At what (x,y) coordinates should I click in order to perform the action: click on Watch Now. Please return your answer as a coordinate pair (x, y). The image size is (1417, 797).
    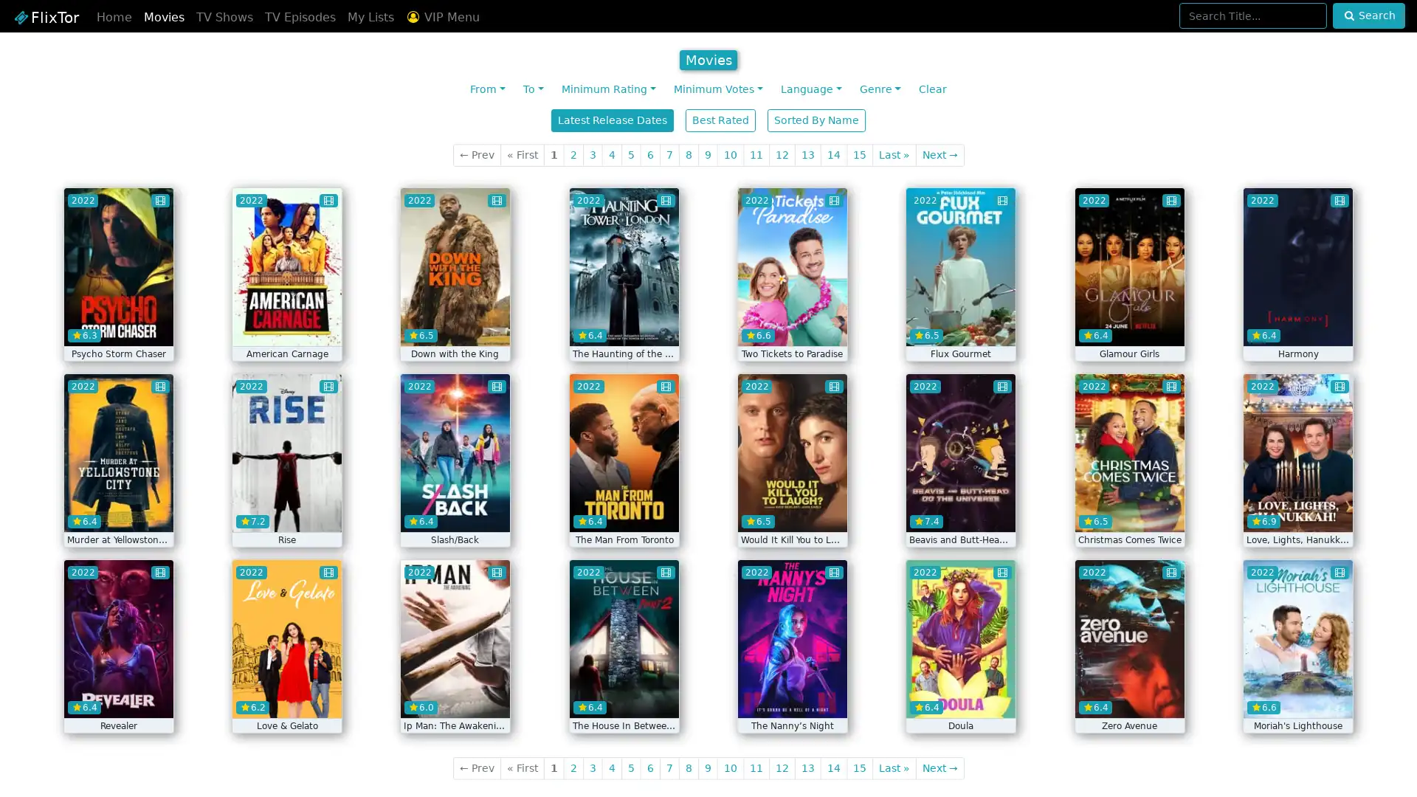
    Looking at the image, I should click on (624, 323).